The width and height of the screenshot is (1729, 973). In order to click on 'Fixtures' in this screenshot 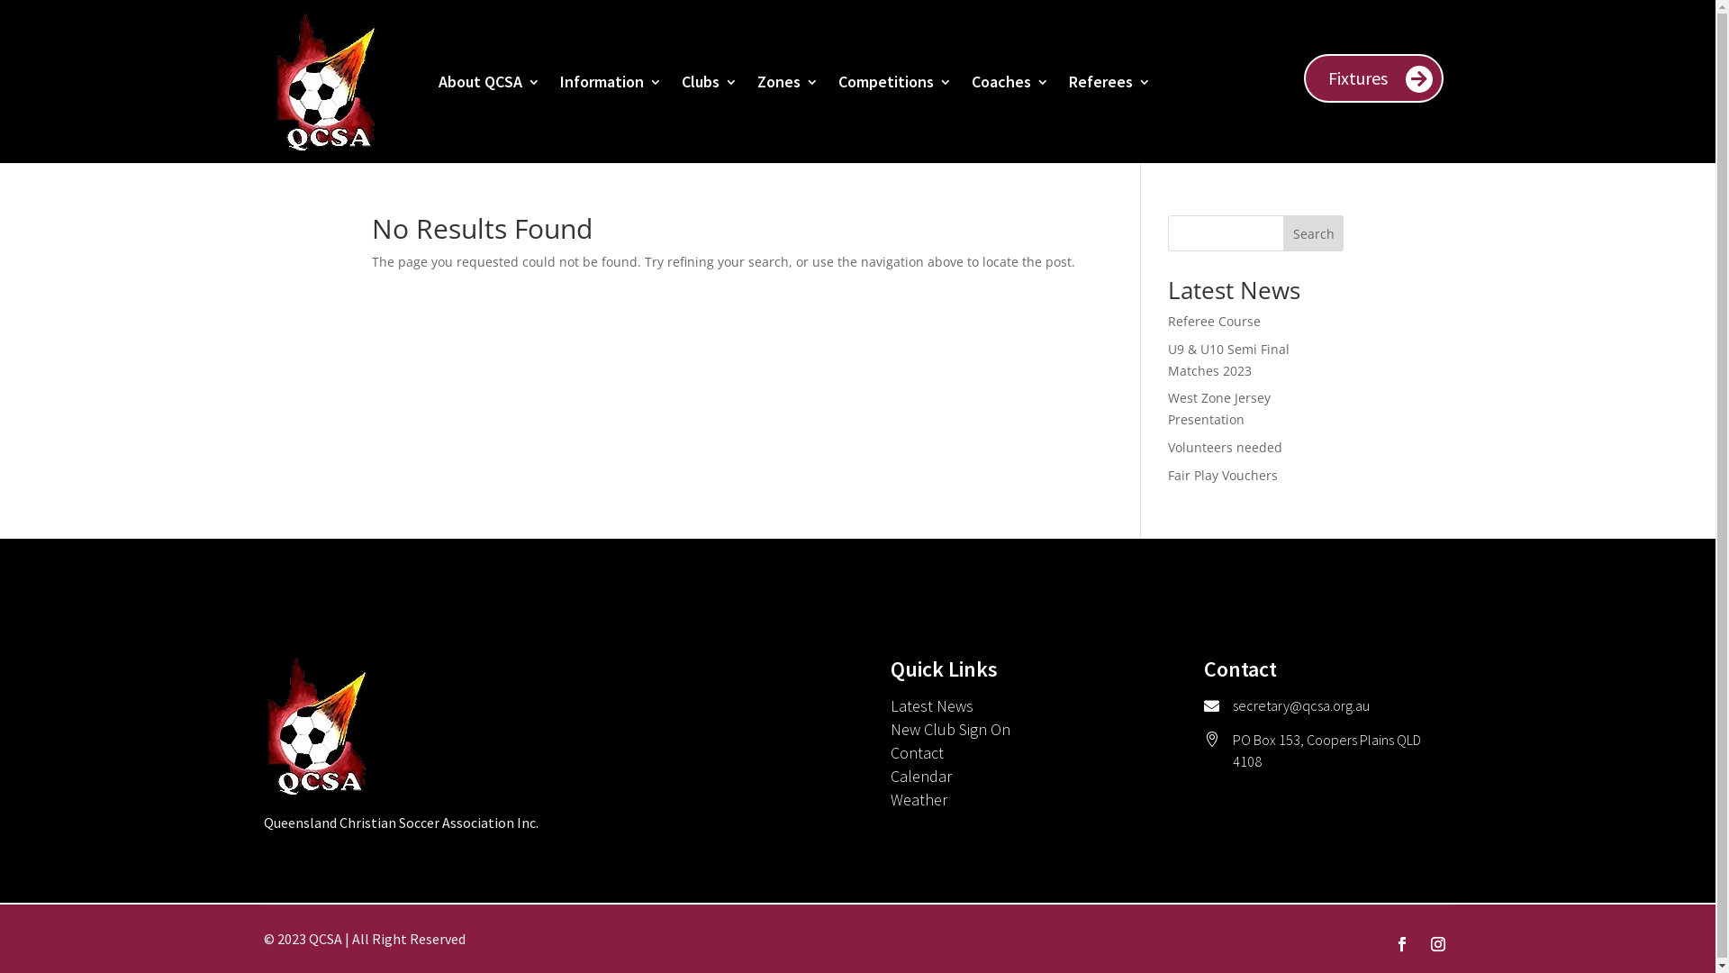, I will do `click(1372, 77)`.